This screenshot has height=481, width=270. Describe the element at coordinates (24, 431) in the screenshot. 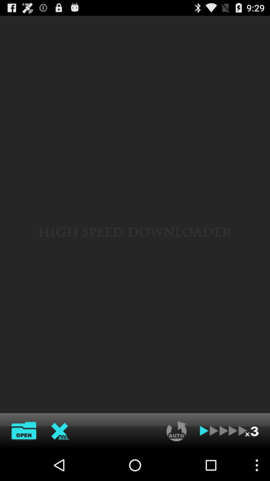

I see `open file` at that location.